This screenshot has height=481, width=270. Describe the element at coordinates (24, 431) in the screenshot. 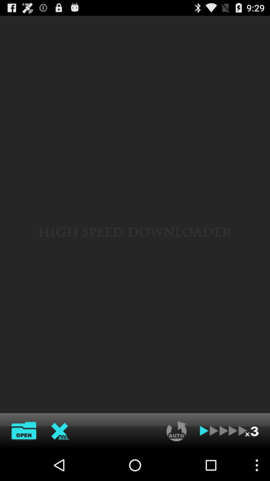

I see `open file` at that location.